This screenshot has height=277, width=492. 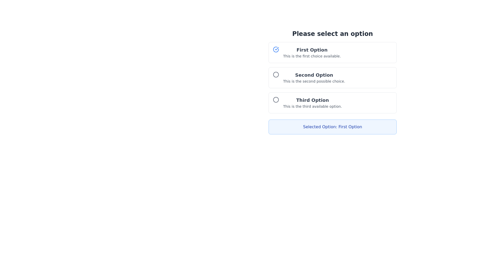 I want to click on the blue circular icon with a checkmark located to the left of the 'First Option' label in the selection interface, so click(x=275, y=49).